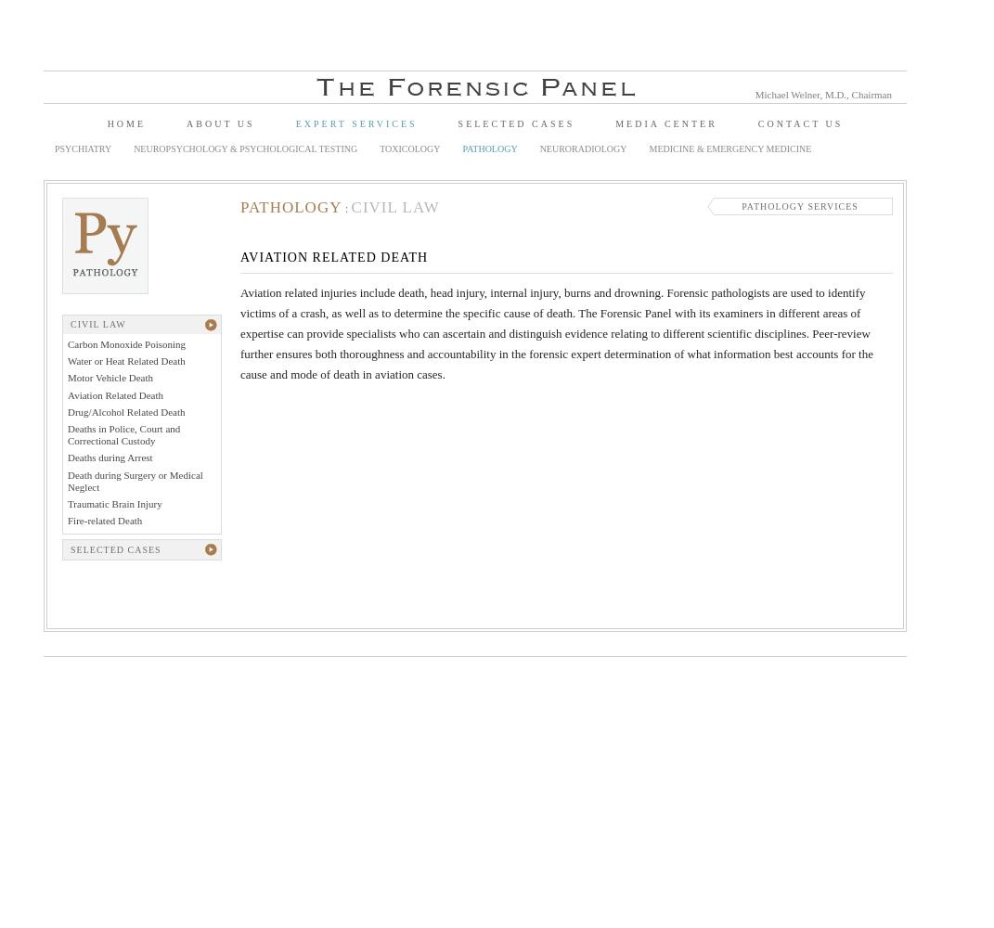 The image size is (994, 928). Describe the element at coordinates (126, 410) in the screenshot. I see `'Drug/Alcohol Related Death'` at that location.